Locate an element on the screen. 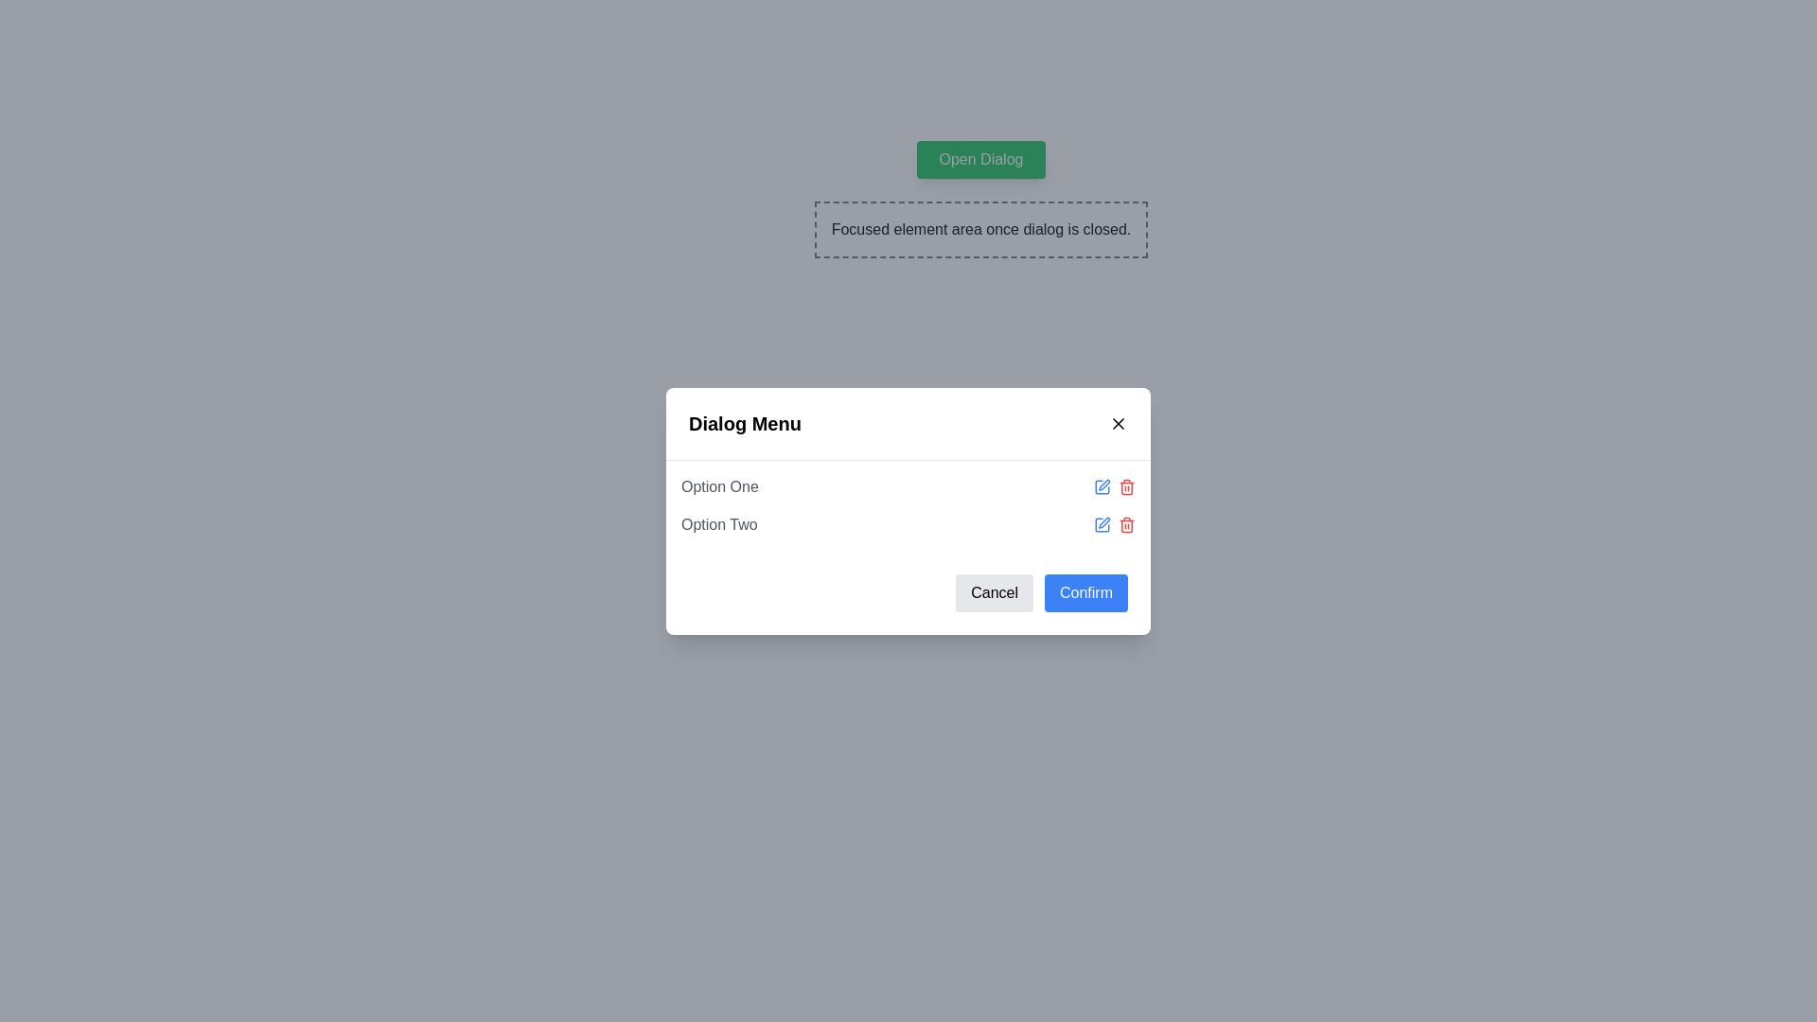 The height and width of the screenshot is (1022, 1817). the editing icon located on the right side of the row labeled 'Option Two' in the dialog menu is located at coordinates (1104, 522).